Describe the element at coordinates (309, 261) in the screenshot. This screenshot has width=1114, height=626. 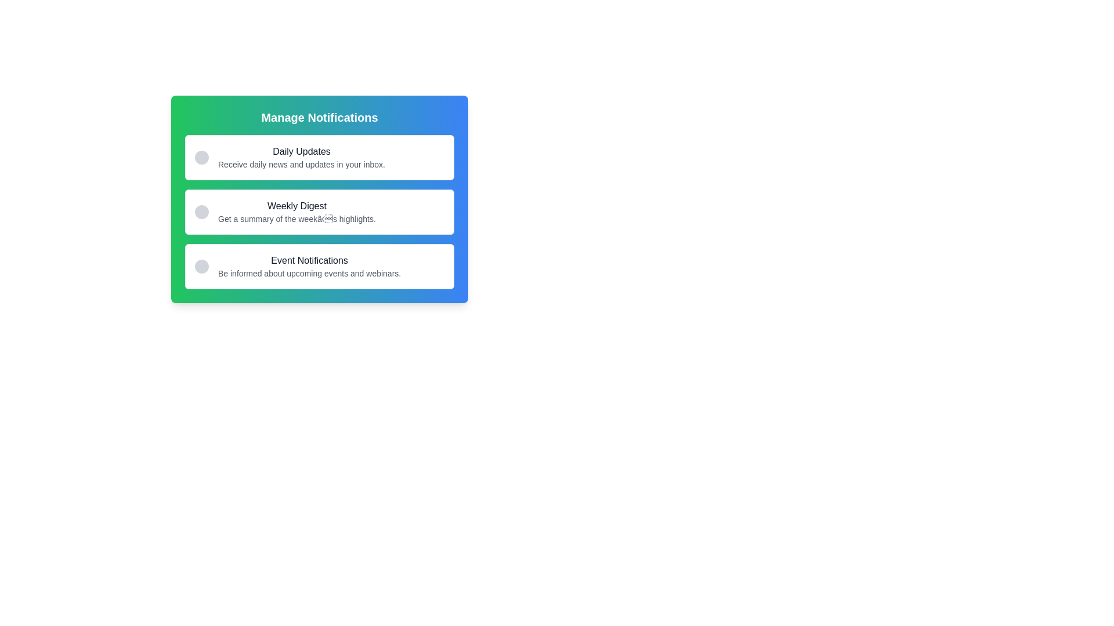
I see `the 'Event Notifications' section heading text label in the 'Manage Notifications' panel, which is located between 'Weekly Digest' and the descriptive text about events` at that location.